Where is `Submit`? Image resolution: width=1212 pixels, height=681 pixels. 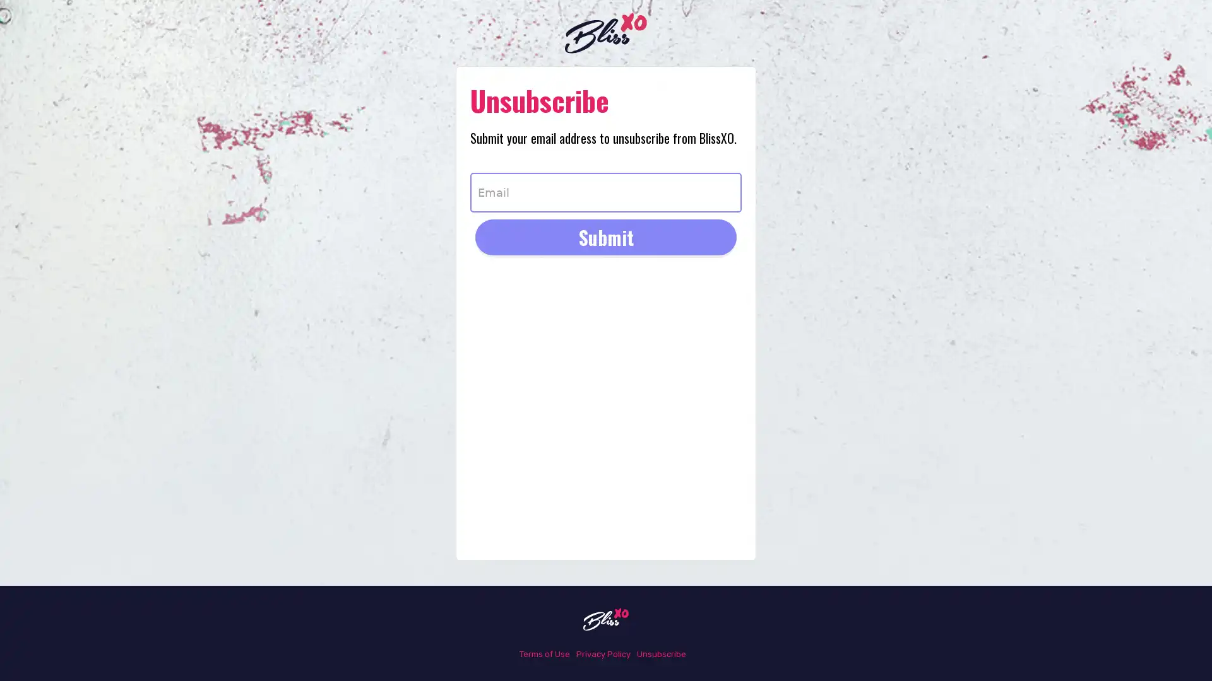
Submit is located at coordinates (606, 236).